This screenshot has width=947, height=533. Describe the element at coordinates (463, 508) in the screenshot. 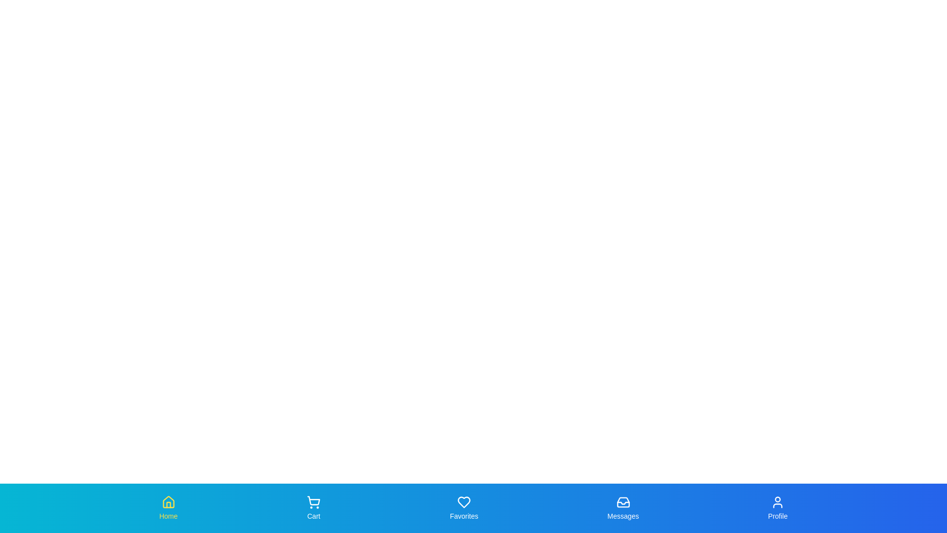

I see `the tab labeled Favorites by clicking on it` at that location.